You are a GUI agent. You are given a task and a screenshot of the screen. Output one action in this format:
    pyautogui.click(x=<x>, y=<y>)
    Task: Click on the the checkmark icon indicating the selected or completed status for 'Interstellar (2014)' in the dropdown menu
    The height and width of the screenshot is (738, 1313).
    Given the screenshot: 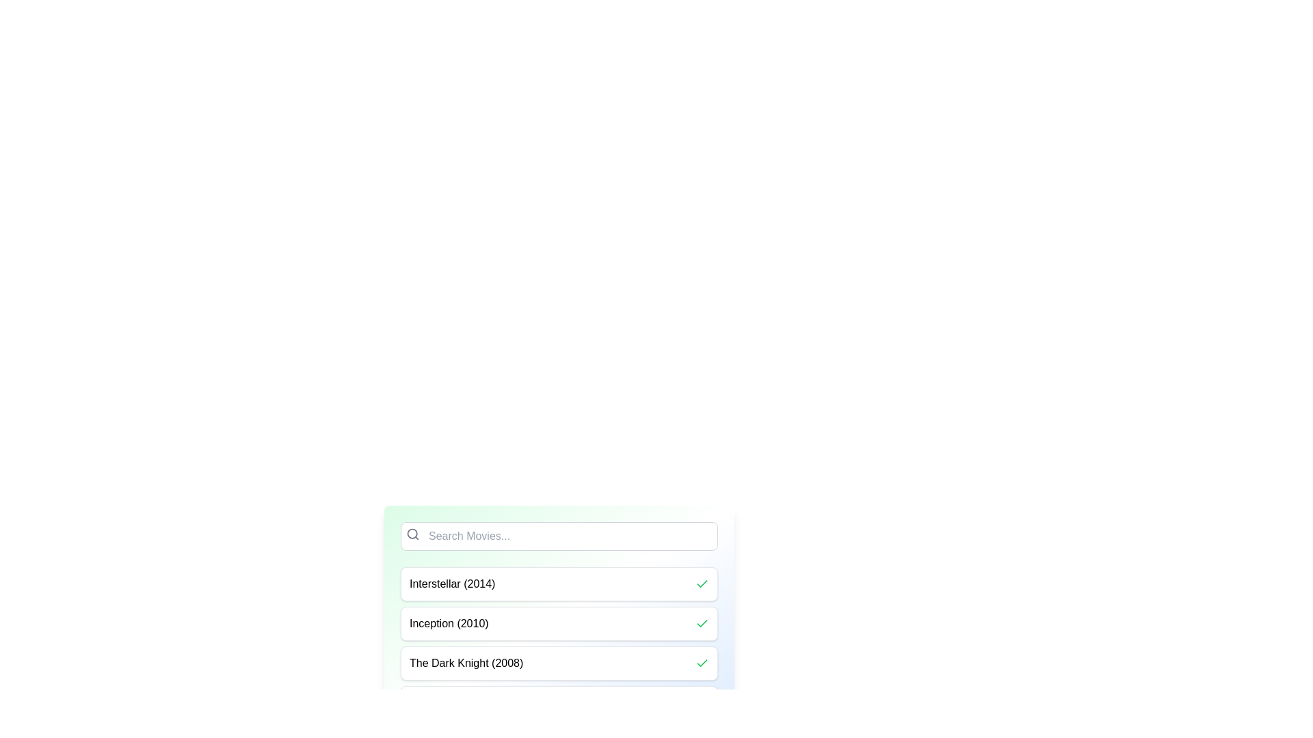 What is the action you would take?
    pyautogui.click(x=702, y=584)
    